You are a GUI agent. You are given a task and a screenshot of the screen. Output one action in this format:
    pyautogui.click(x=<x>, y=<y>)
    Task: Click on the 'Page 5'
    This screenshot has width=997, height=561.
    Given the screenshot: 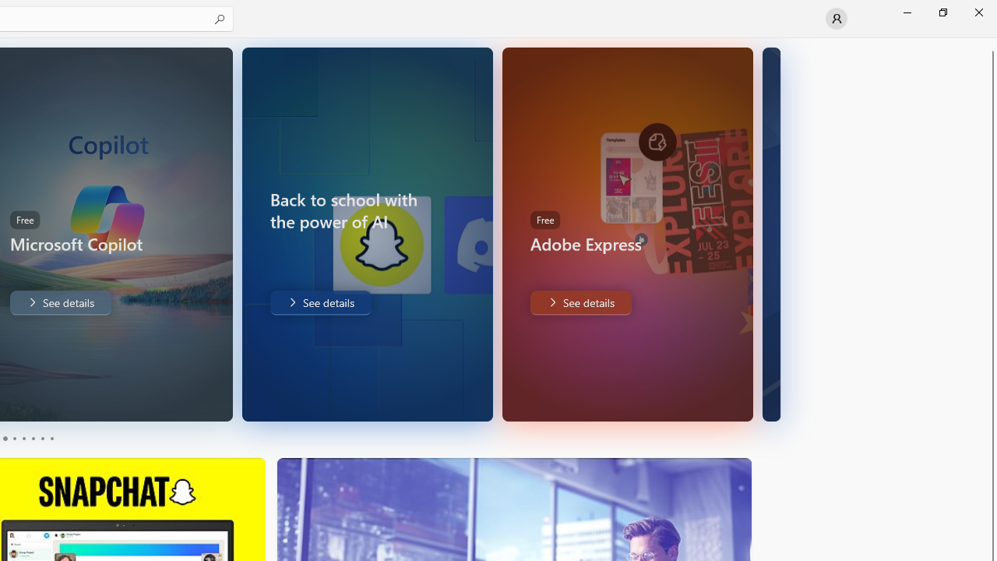 What is the action you would take?
    pyautogui.click(x=42, y=439)
    